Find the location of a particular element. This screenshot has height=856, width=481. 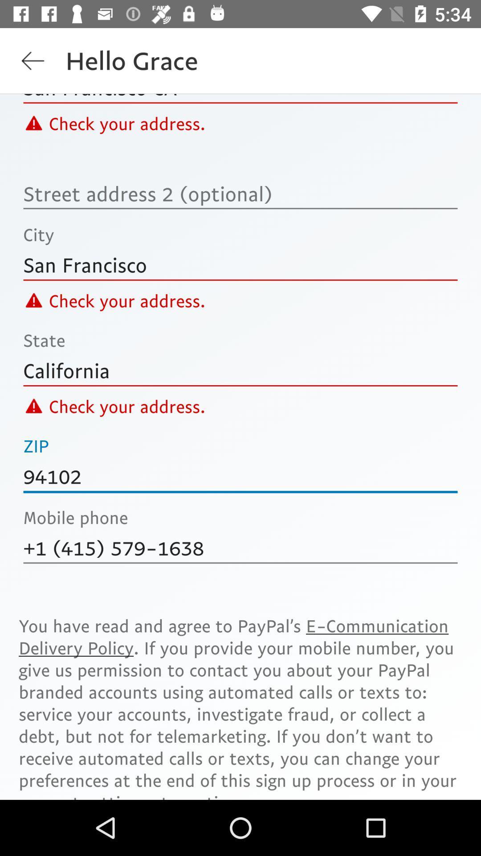

second address line input is located at coordinates (240, 193).